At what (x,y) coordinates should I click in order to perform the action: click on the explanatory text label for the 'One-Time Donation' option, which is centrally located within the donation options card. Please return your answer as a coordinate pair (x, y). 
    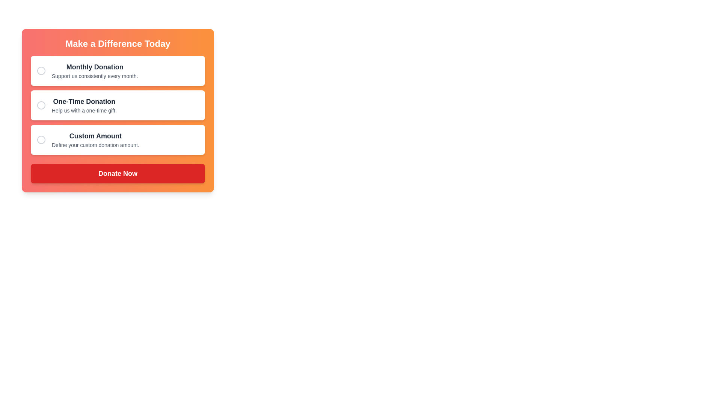
    Looking at the image, I should click on (84, 110).